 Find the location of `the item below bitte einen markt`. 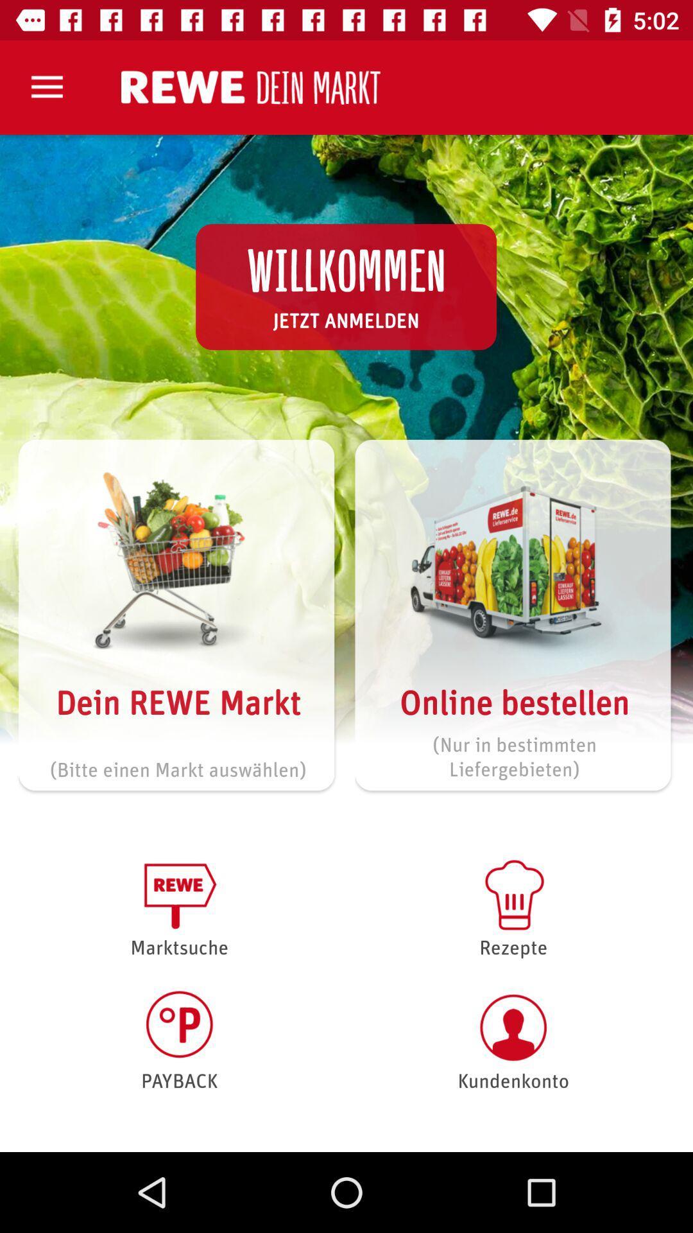

the item below bitte einen markt is located at coordinates (179, 906).